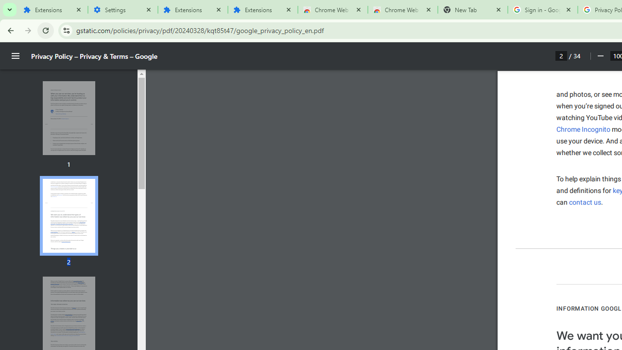 The height and width of the screenshot is (350, 622). Describe the element at coordinates (402, 10) in the screenshot. I see `'Chrome Web Store - Themes'` at that location.